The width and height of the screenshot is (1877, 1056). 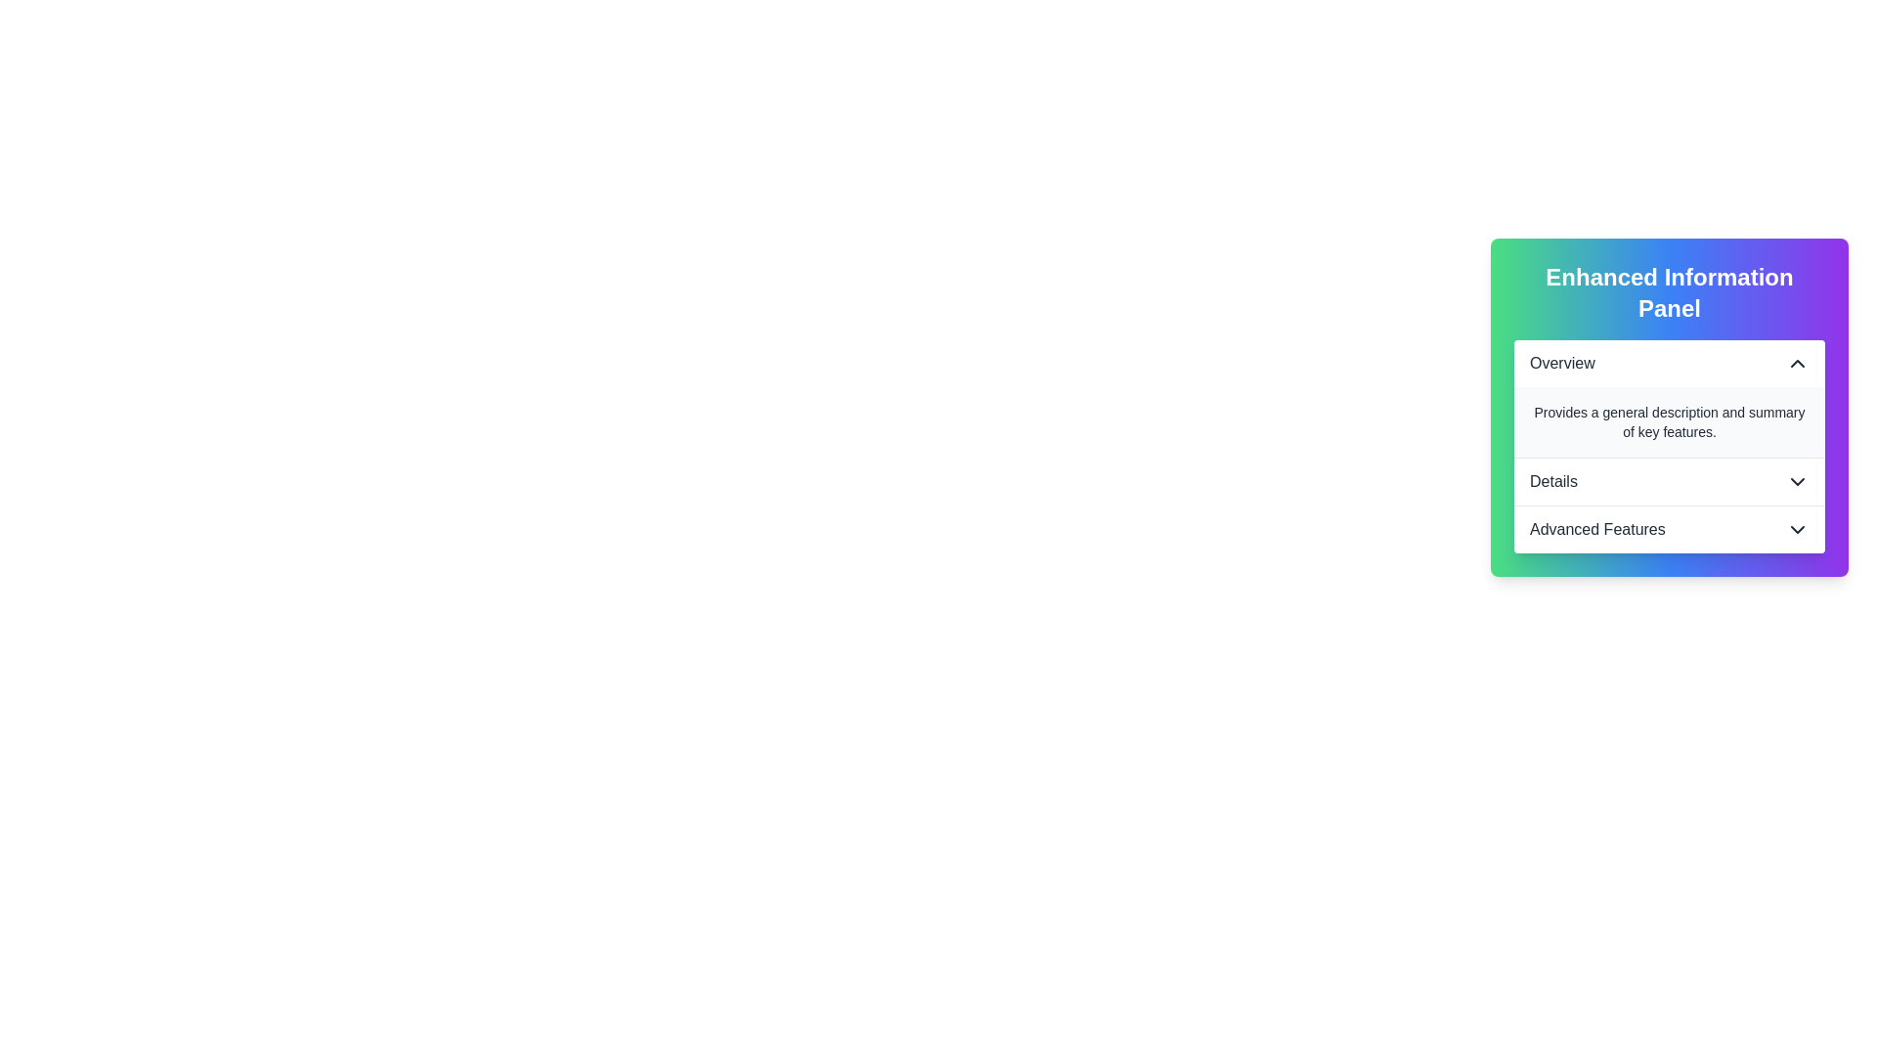 I want to click on the Dropdown toggle button located in the middle section of a vertical panel, so click(x=1669, y=482).